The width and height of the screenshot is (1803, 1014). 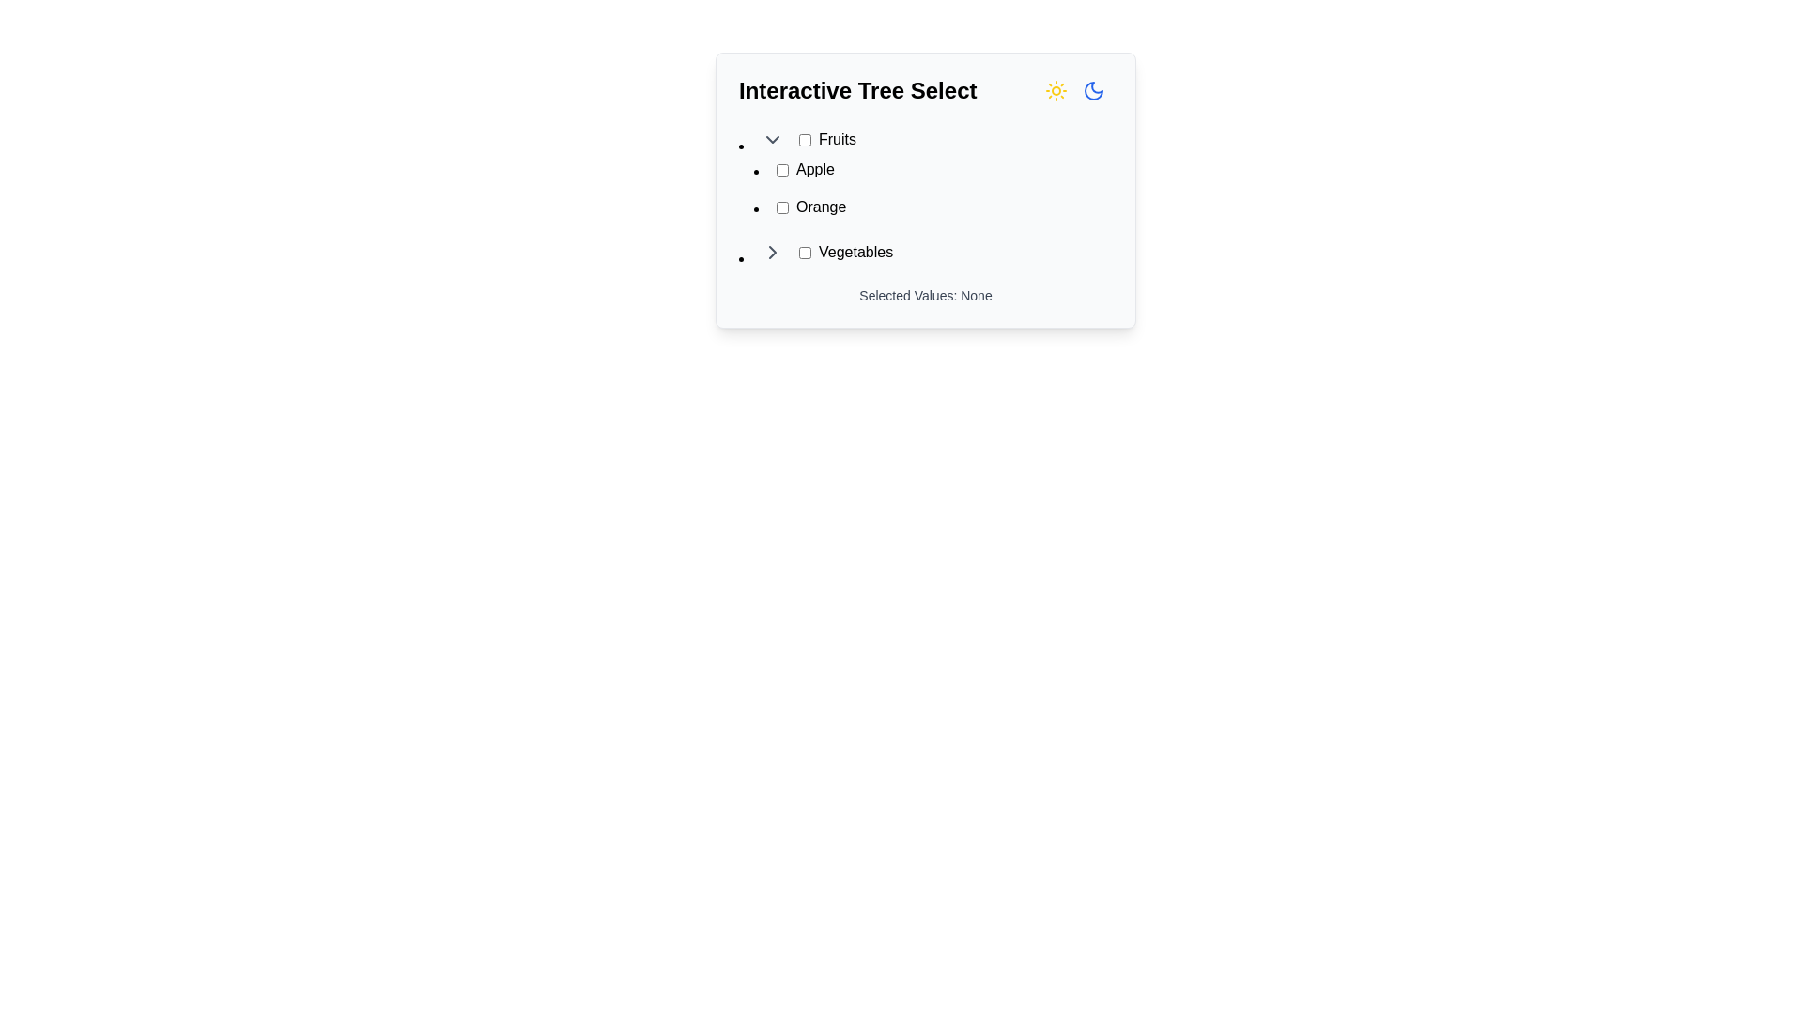 I want to click on the crescent moon icon, which is a blue minimalistic graphic located in the top-right corner of the interactive tree select component, adjacent to a square reload icon, so click(x=1094, y=90).